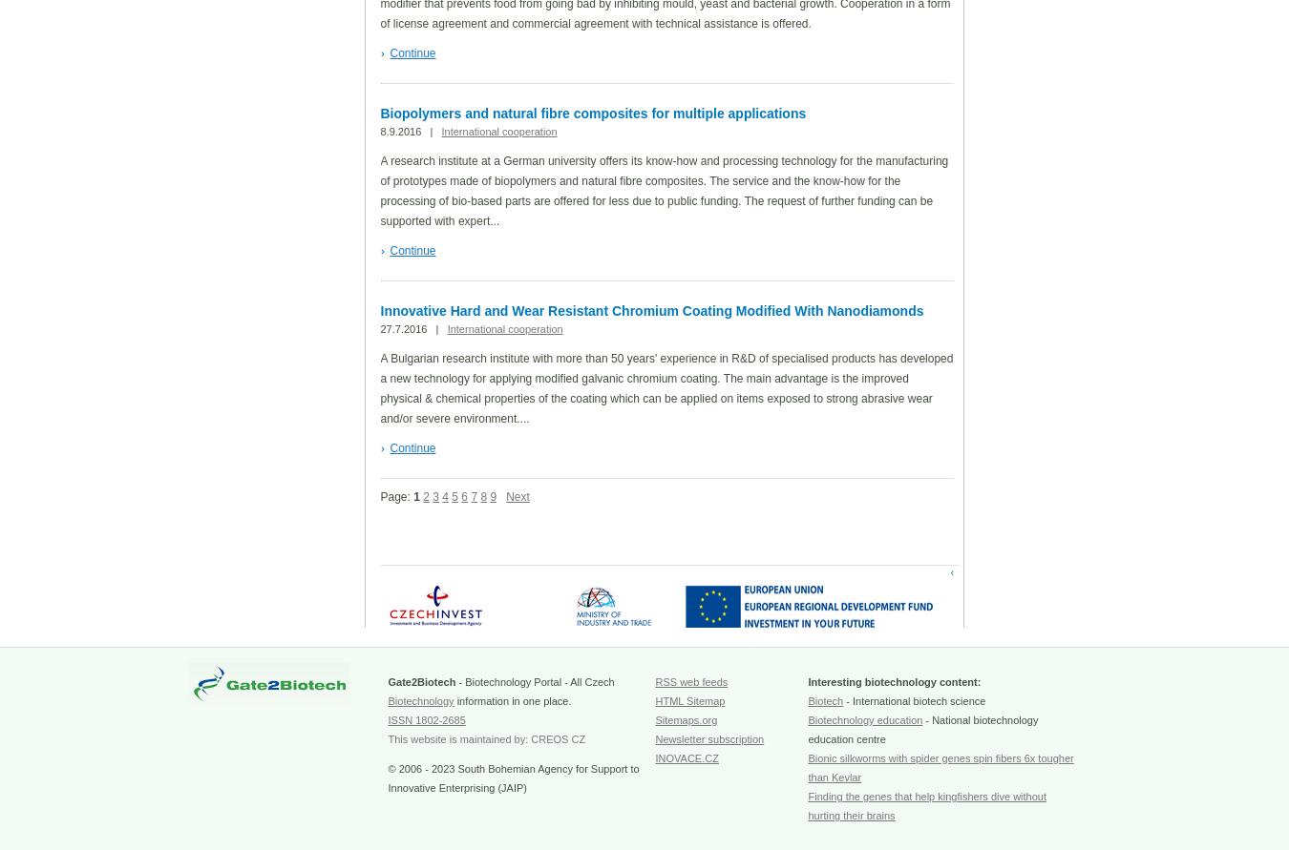 This screenshot has height=850, width=1289. Describe the element at coordinates (485, 738) in the screenshot. I see `'This website is maintained by: CREOS CZ'` at that location.